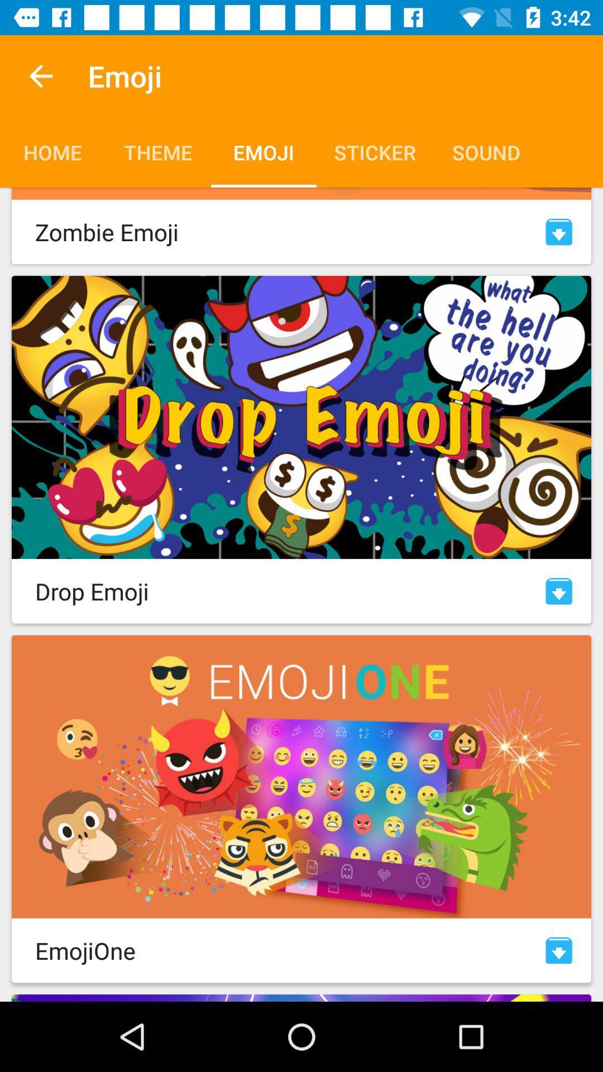 Image resolution: width=603 pixels, height=1072 pixels. What do you see at coordinates (40, 75) in the screenshot?
I see `go back` at bounding box center [40, 75].